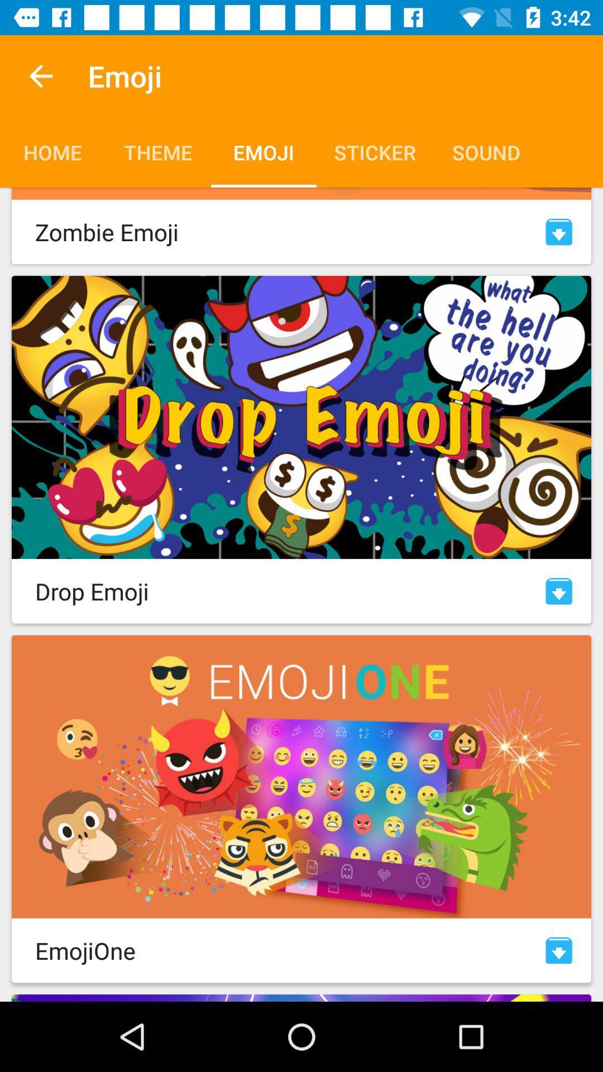 Image resolution: width=603 pixels, height=1072 pixels. What do you see at coordinates (40, 75) in the screenshot?
I see `go back` at bounding box center [40, 75].